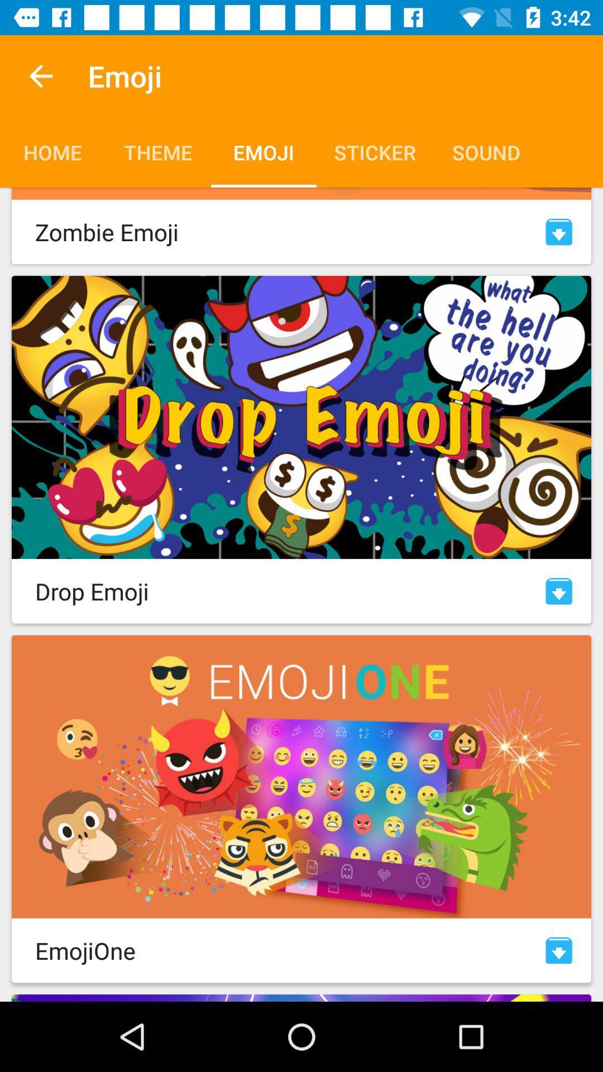 Image resolution: width=603 pixels, height=1072 pixels. What do you see at coordinates (40, 75) in the screenshot?
I see `go back` at bounding box center [40, 75].